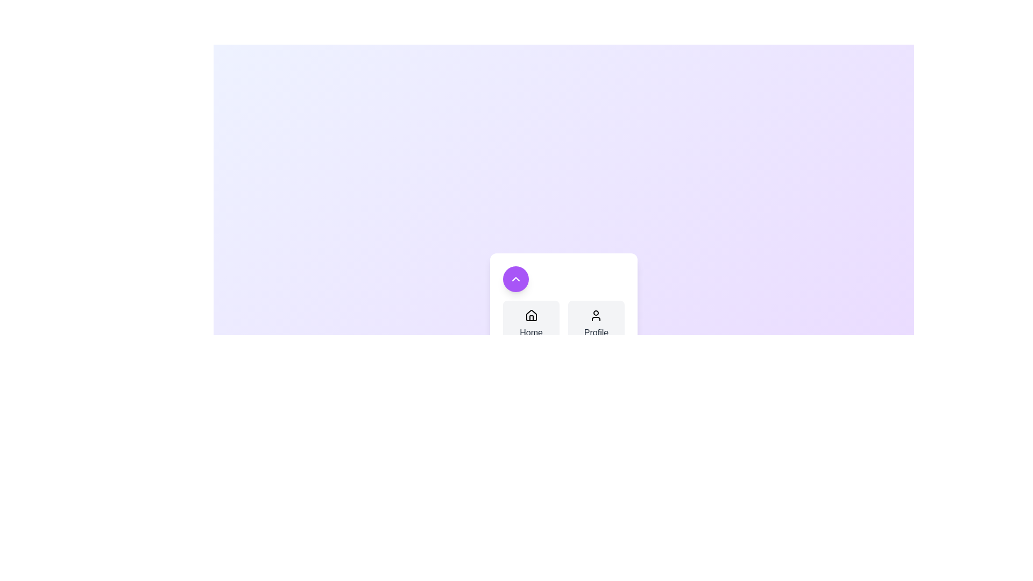 The height and width of the screenshot is (581, 1033). Describe the element at coordinates (596, 323) in the screenshot. I see `the button labeled Profile to observe its hover effect` at that location.